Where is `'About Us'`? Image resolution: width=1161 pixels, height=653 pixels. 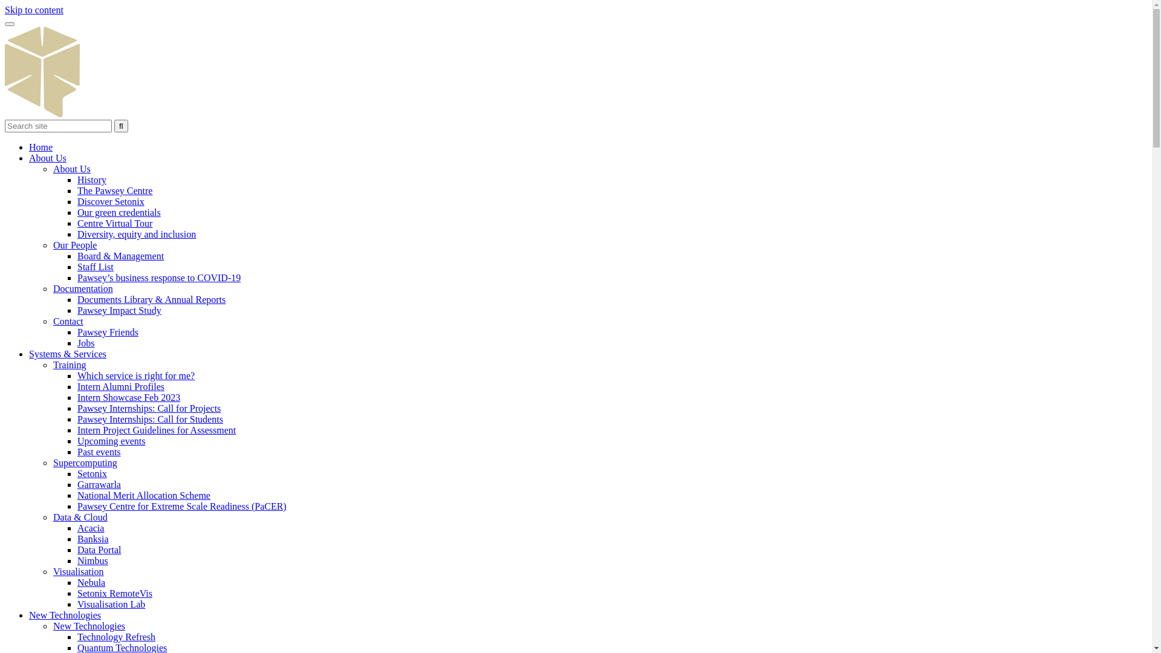
'About Us' is located at coordinates (71, 169).